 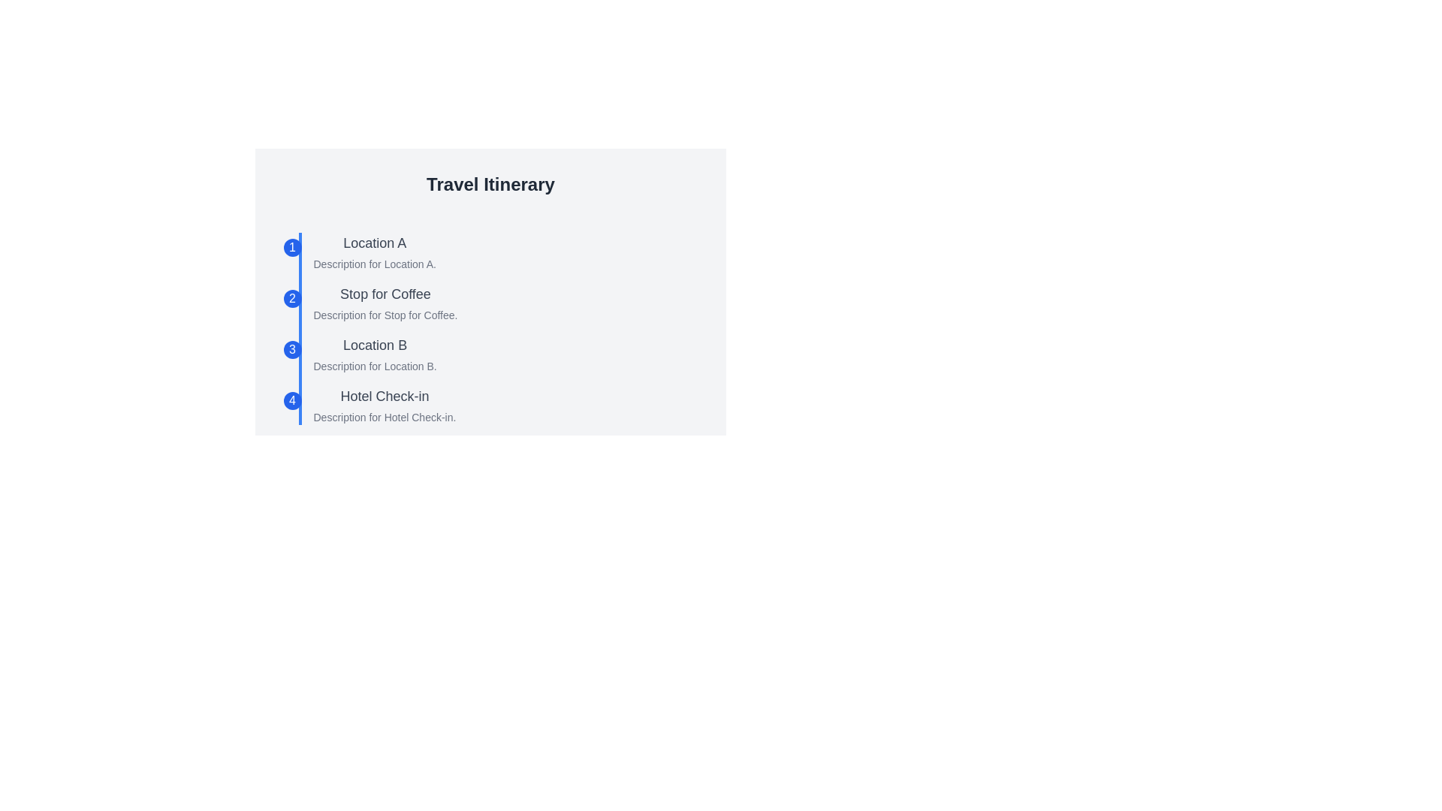 What do you see at coordinates (385, 315) in the screenshot?
I see `the text label displaying 'Description for Stop for Coffee.' which is styled in a smaller gray font and located below the heading 'Stop for Coffee'` at bounding box center [385, 315].